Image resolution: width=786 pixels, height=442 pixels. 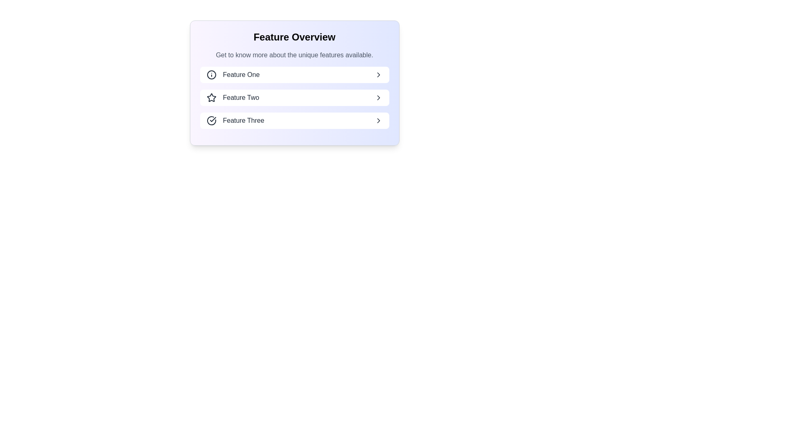 What do you see at coordinates (235, 120) in the screenshot?
I see `the list item displaying 'Feature Three' with a checked circle icon, located in the center of the panel as the third item in the list` at bounding box center [235, 120].